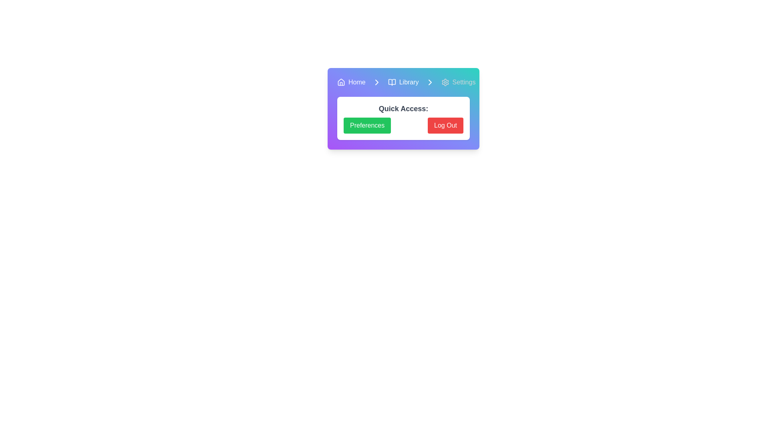  What do you see at coordinates (392, 82) in the screenshot?
I see `the 'Library' icon in the navigation bar` at bounding box center [392, 82].